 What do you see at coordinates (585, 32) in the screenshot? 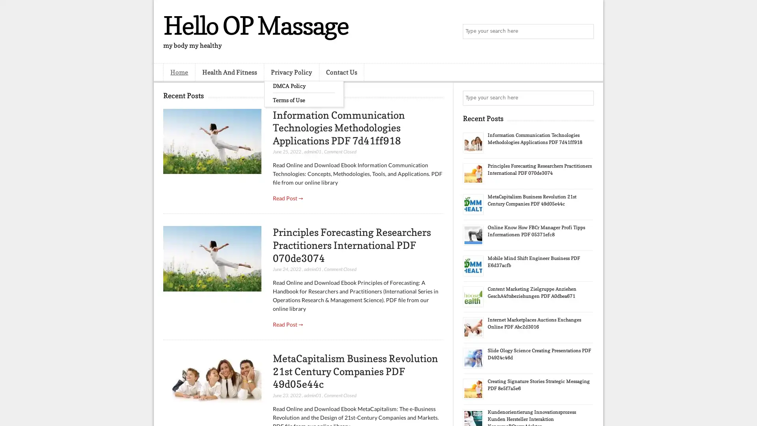
I see `Search` at bounding box center [585, 32].